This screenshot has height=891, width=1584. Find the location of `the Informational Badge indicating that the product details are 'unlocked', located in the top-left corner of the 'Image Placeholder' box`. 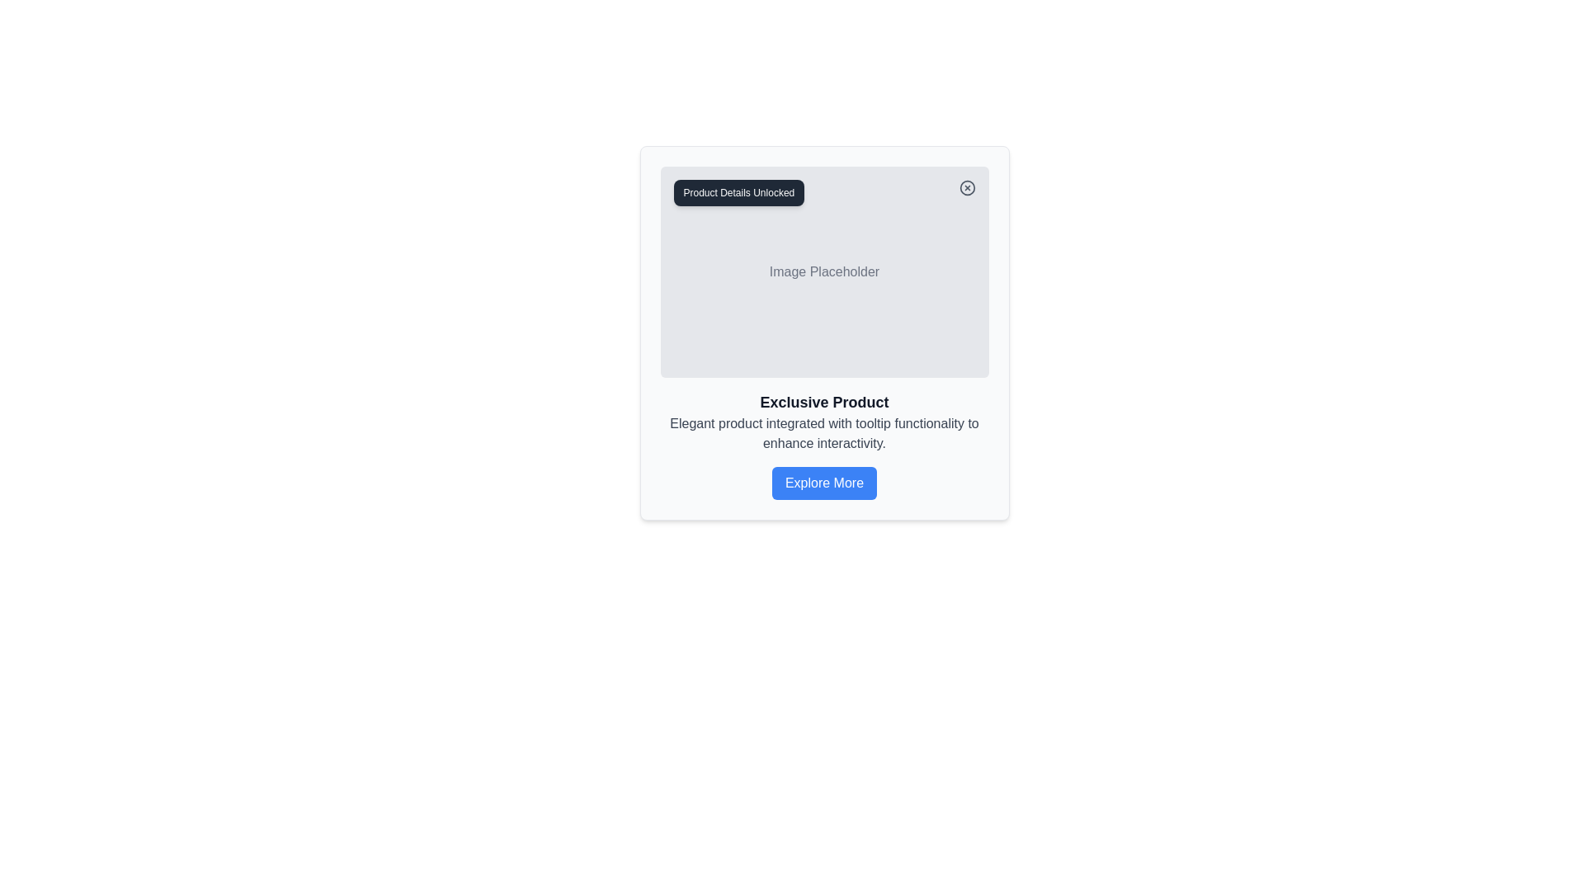

the Informational Badge indicating that the product details are 'unlocked', located in the top-left corner of the 'Image Placeholder' box is located at coordinates (738, 192).